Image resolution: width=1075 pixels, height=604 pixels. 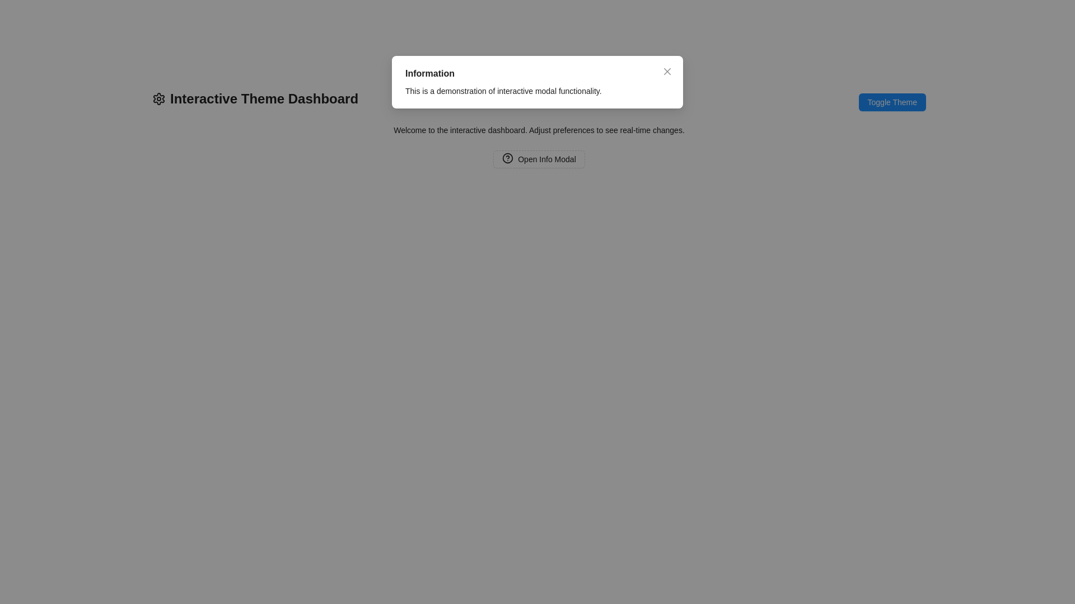 I want to click on the button with a dashed border labeled 'Open Info Modal', which includes a help icon, so click(x=539, y=159).